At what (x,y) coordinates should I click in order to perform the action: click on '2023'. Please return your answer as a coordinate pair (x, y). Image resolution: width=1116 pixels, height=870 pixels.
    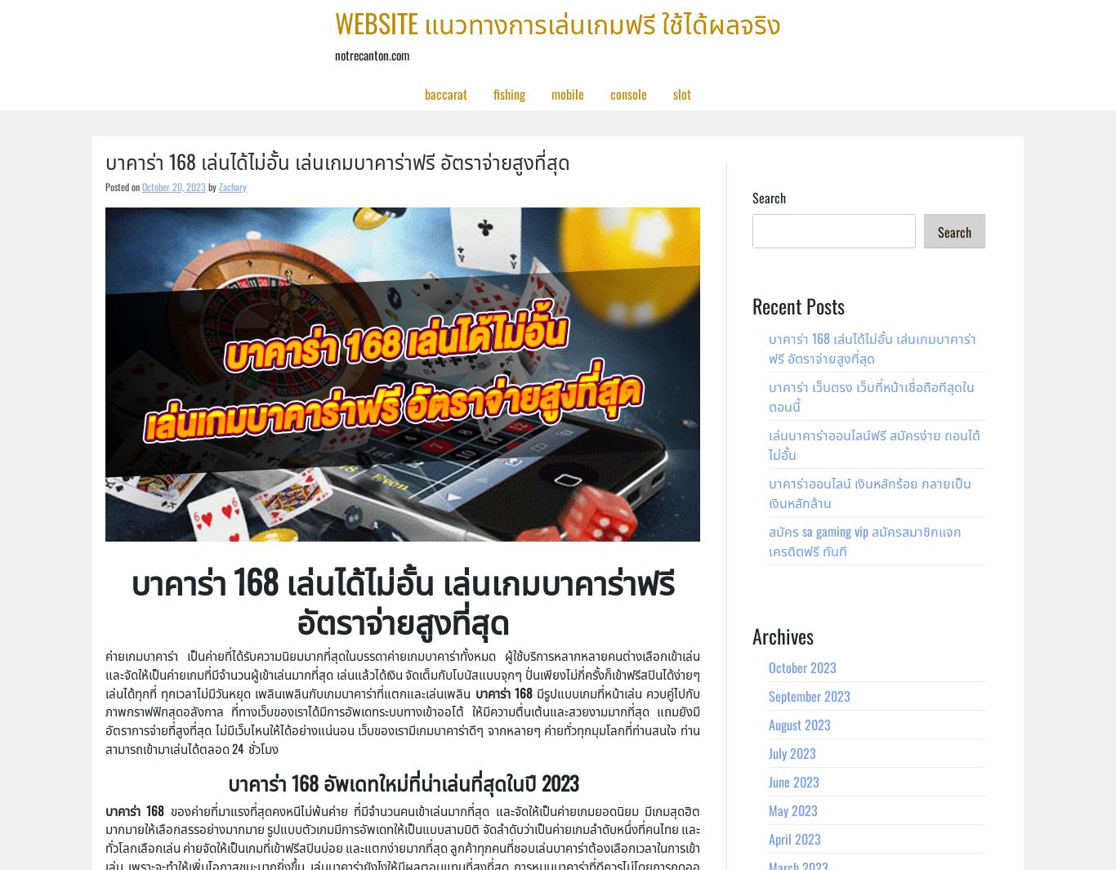
    Looking at the image, I should click on (539, 782).